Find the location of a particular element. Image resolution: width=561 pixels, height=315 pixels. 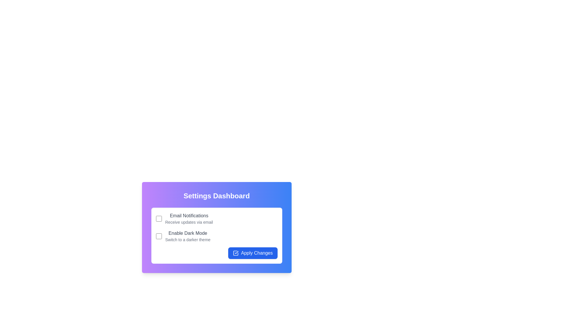

the checkbox associated with the 'Email Notifications' labeled checkbox that has a bolded title and a subtitle for user interaction is located at coordinates (216, 218).